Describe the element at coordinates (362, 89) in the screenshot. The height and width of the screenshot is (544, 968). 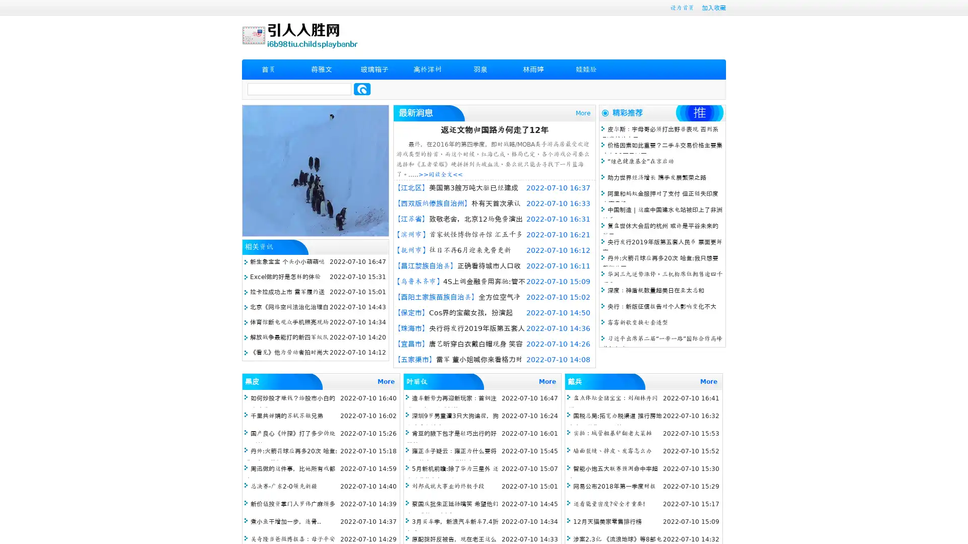
I see `Search` at that location.